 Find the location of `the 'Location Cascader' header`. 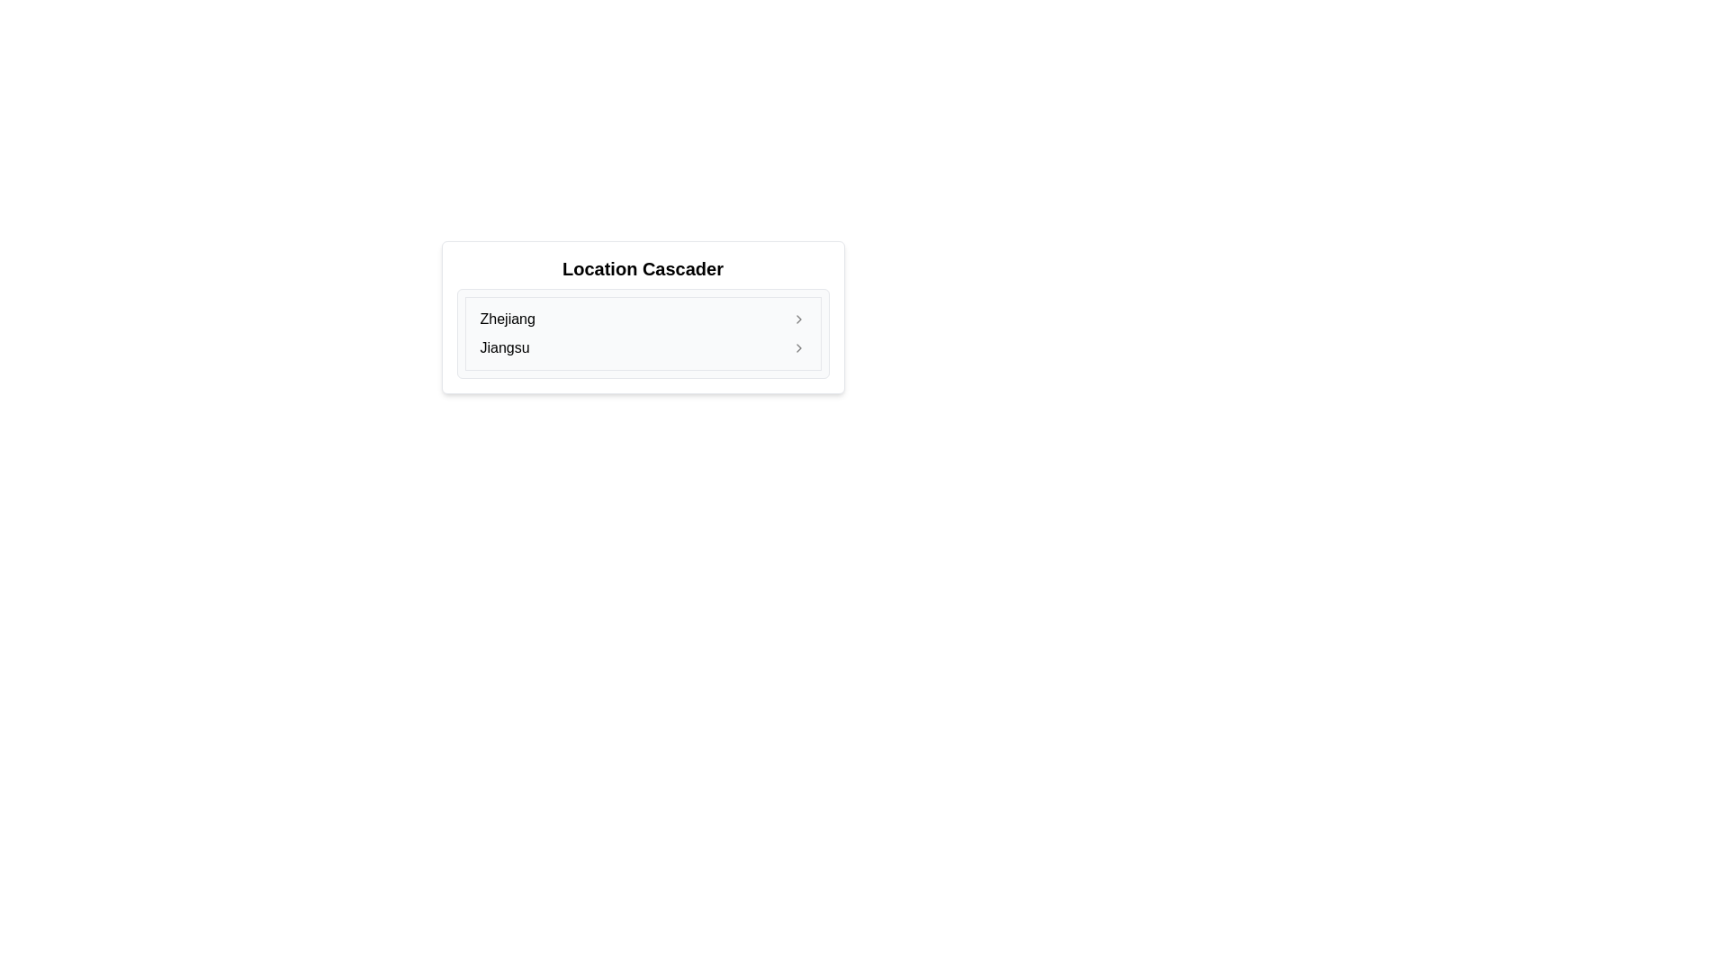

the 'Location Cascader' header is located at coordinates (643, 269).